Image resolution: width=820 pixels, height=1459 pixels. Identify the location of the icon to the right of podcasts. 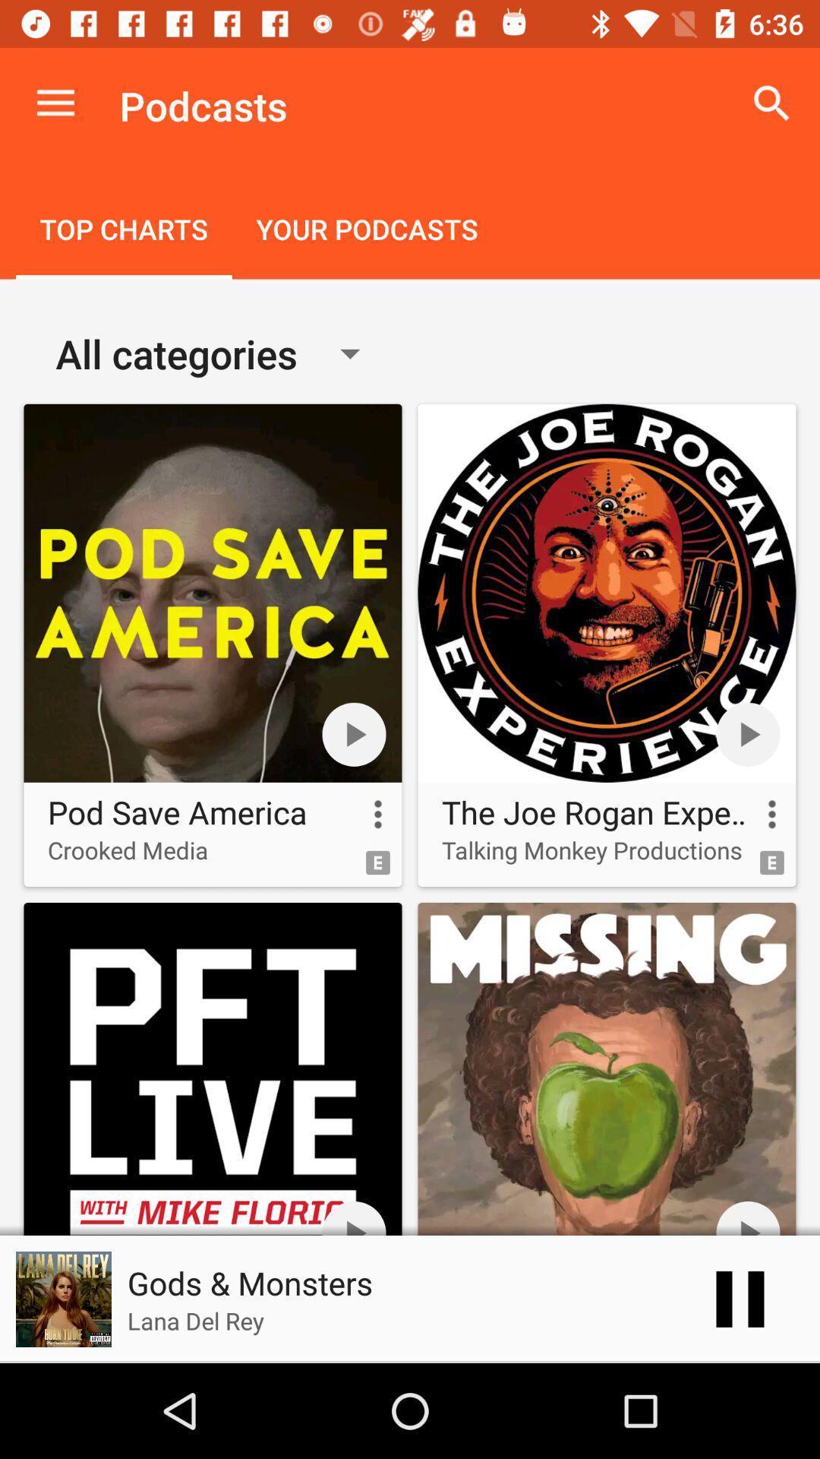
(772, 103).